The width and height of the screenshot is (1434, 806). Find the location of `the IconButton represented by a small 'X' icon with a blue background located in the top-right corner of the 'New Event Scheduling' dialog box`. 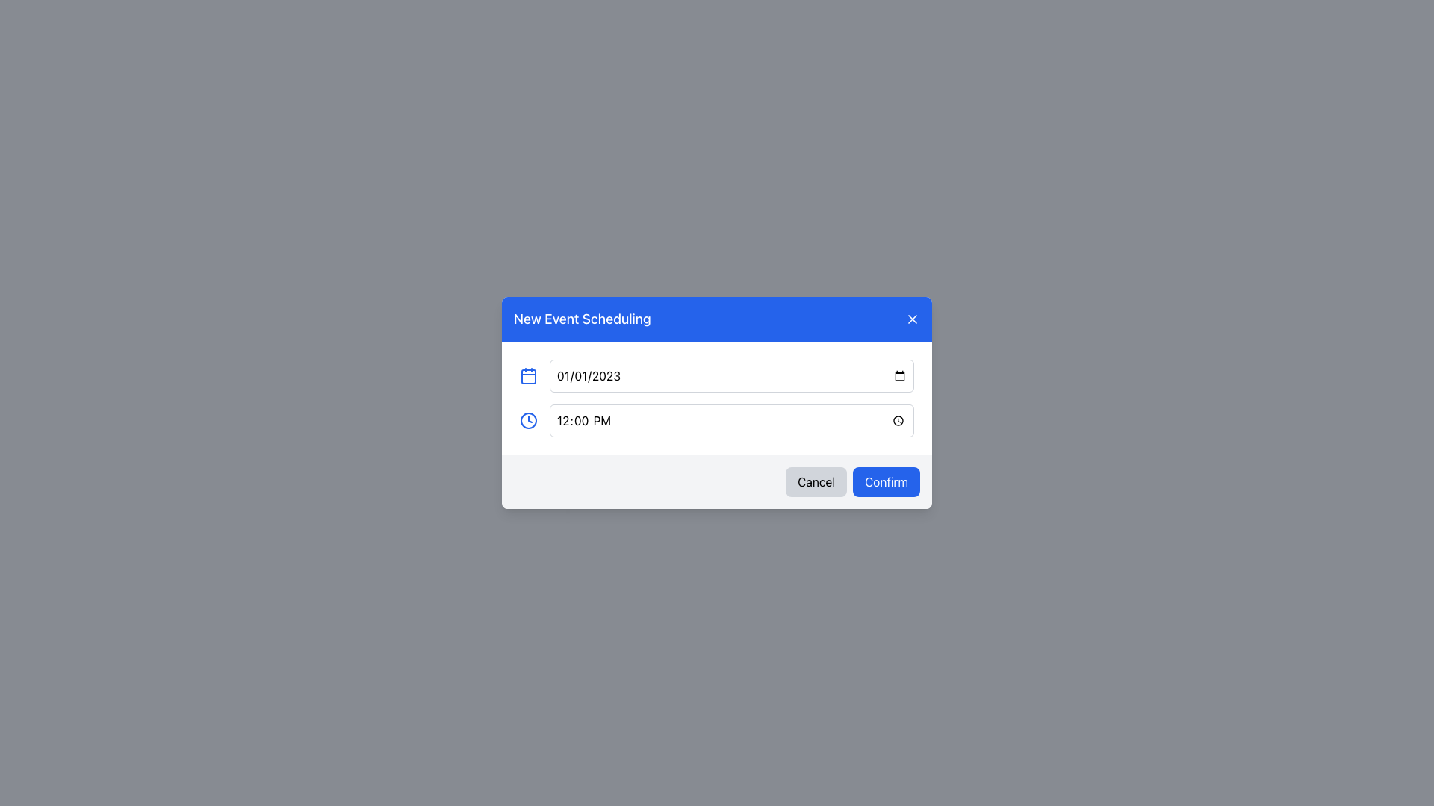

the IconButton represented by a small 'X' icon with a blue background located in the top-right corner of the 'New Event Scheduling' dialog box is located at coordinates (912, 319).